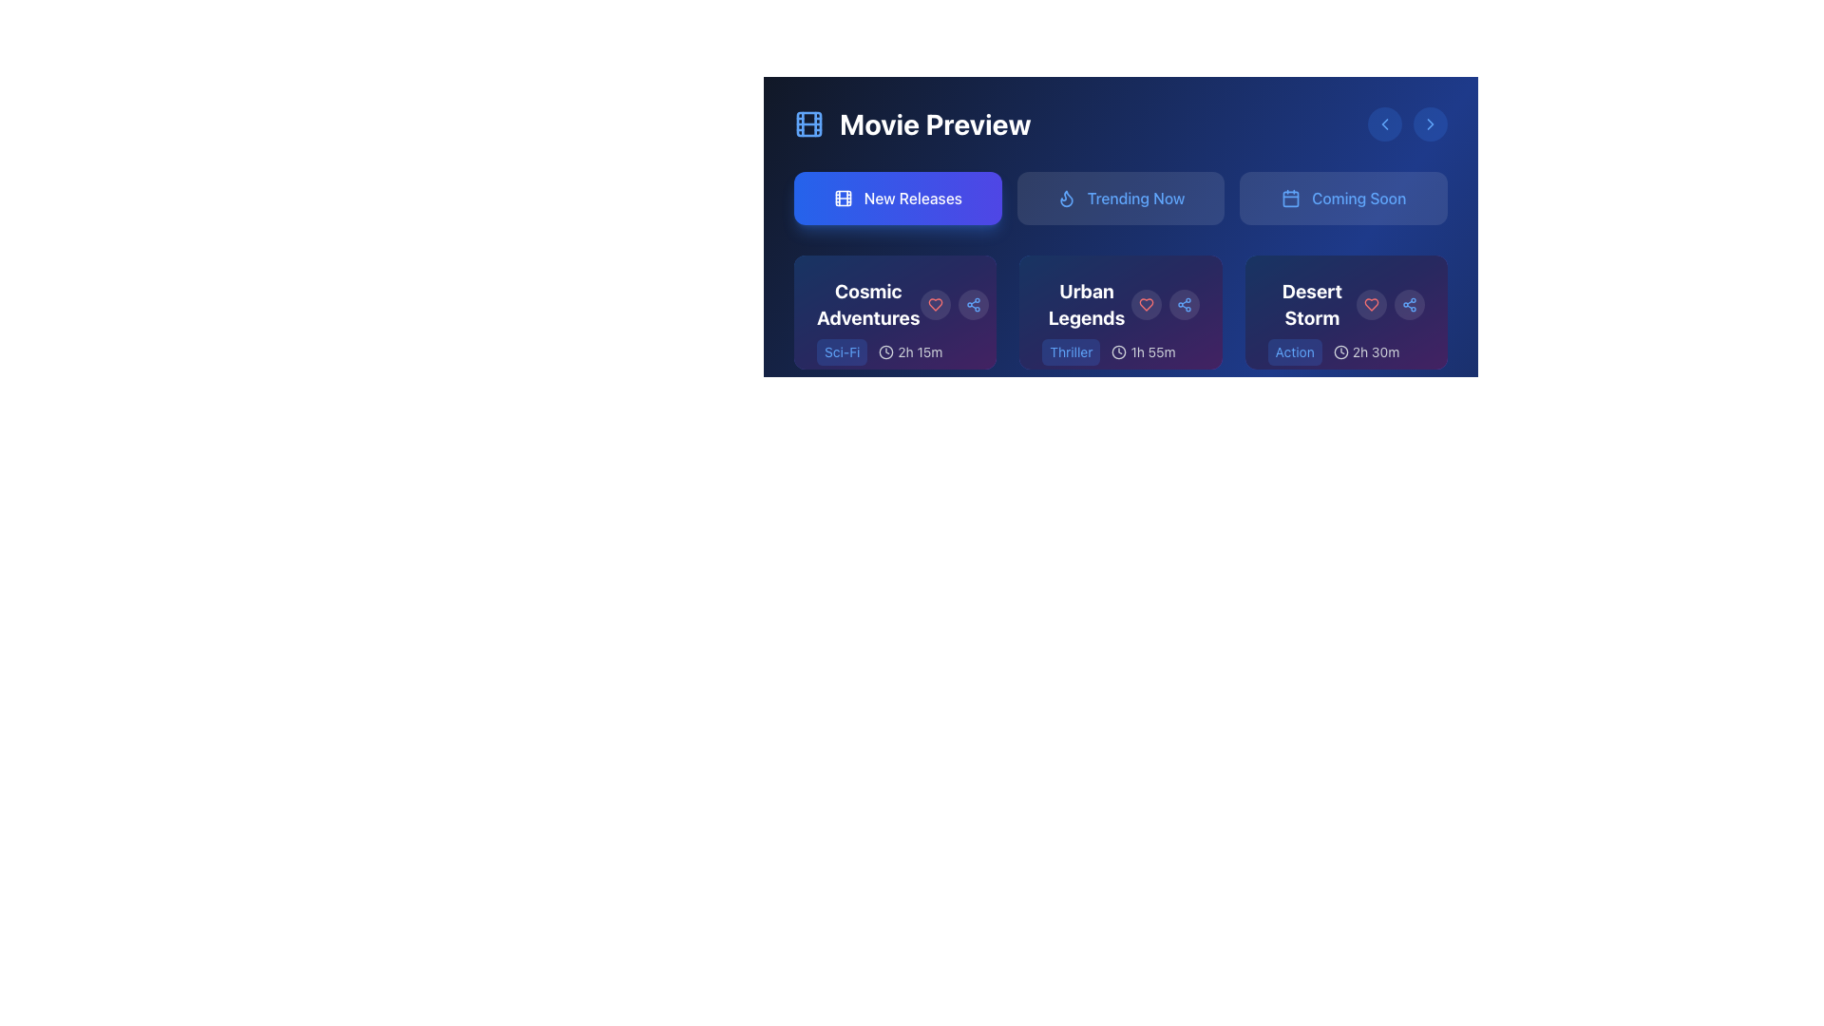 This screenshot has height=1026, width=1824. Describe the element at coordinates (894, 344) in the screenshot. I see `the icons or labels within the movie information card for 'Cosmic Adventures', which includes the title, genre, duration, and rating, located at the top left of the movie preview grid` at that location.